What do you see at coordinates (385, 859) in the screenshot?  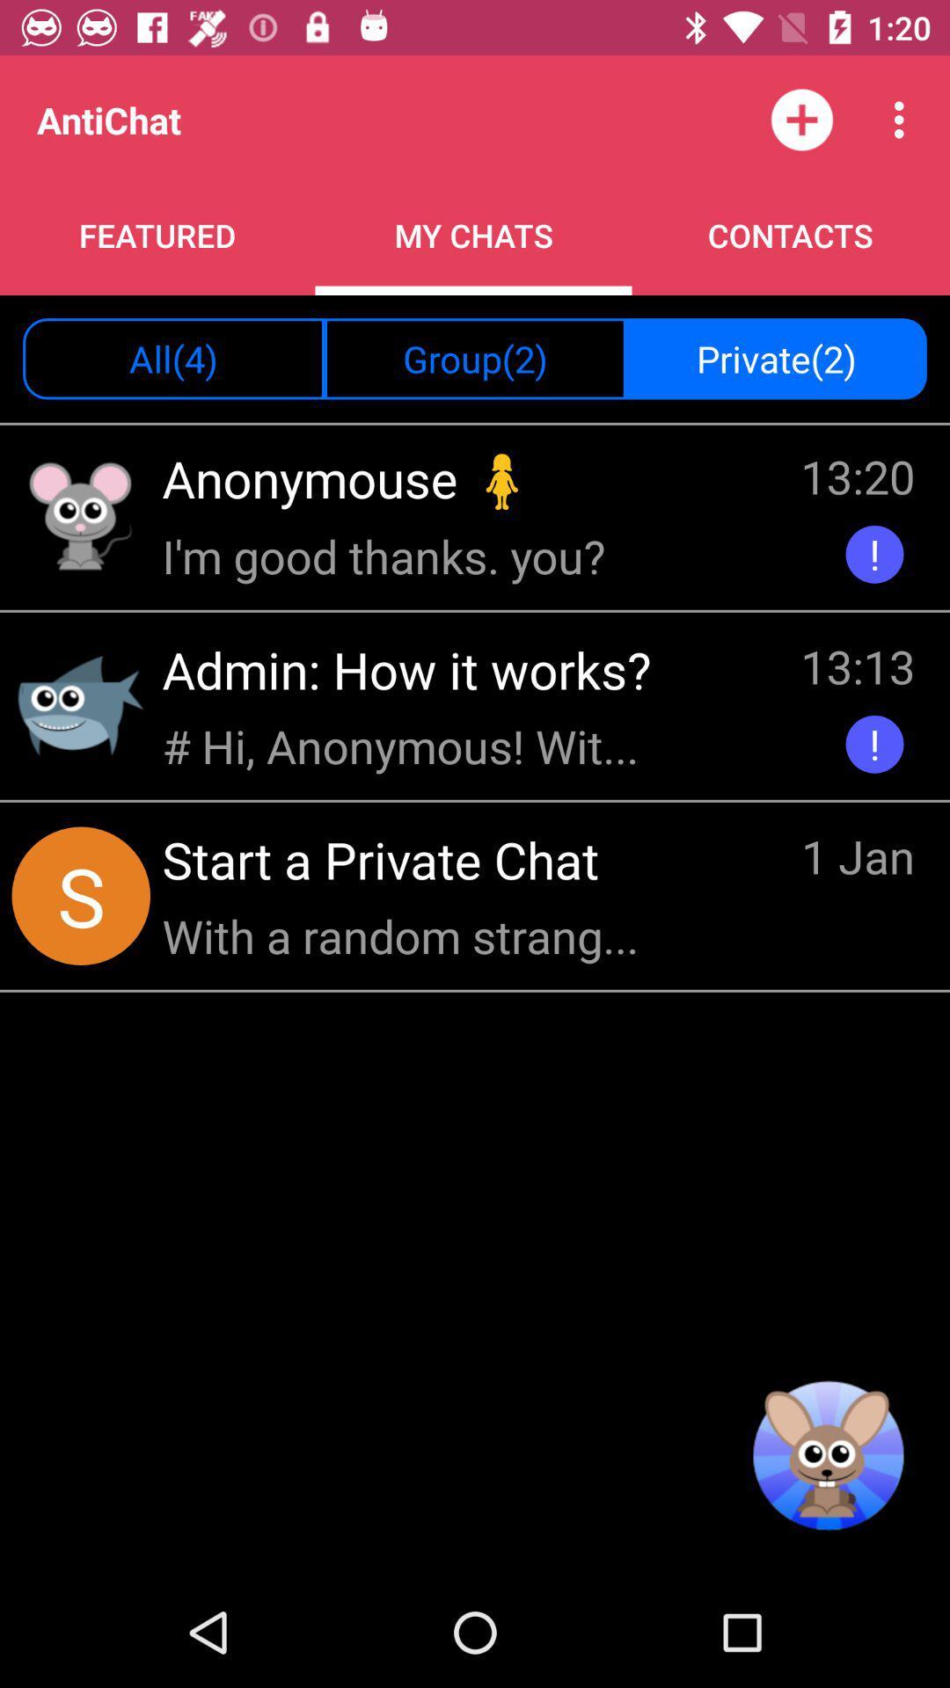 I see `item above the with a random item` at bounding box center [385, 859].